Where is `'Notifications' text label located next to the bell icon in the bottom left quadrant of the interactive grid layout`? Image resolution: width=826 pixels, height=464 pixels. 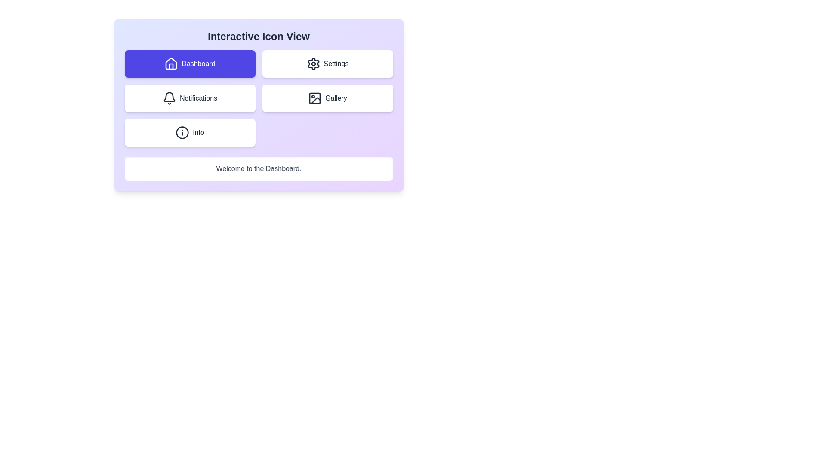
'Notifications' text label located next to the bell icon in the bottom left quadrant of the interactive grid layout is located at coordinates (198, 98).